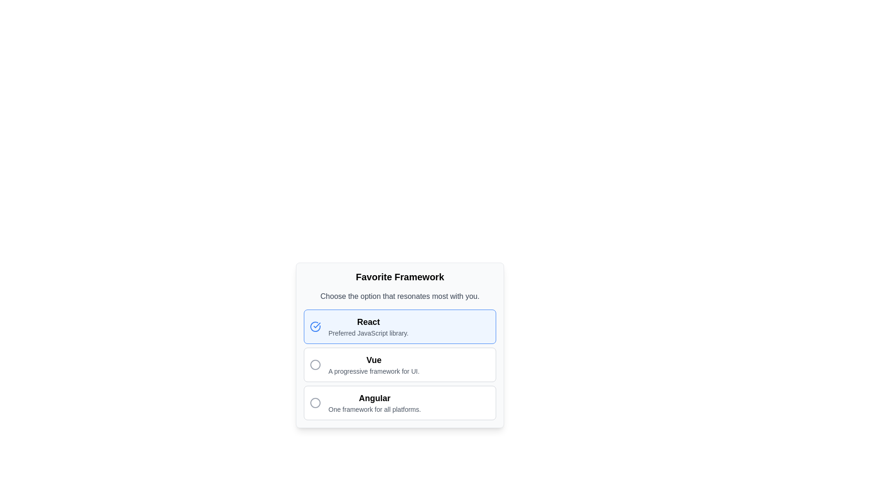  Describe the element at coordinates (315, 403) in the screenshot. I see `the circular icon with a gray outline located to the left of the text 'Angular: One framework for all platforms' in the 'Favorite Framework' selection menu` at that location.